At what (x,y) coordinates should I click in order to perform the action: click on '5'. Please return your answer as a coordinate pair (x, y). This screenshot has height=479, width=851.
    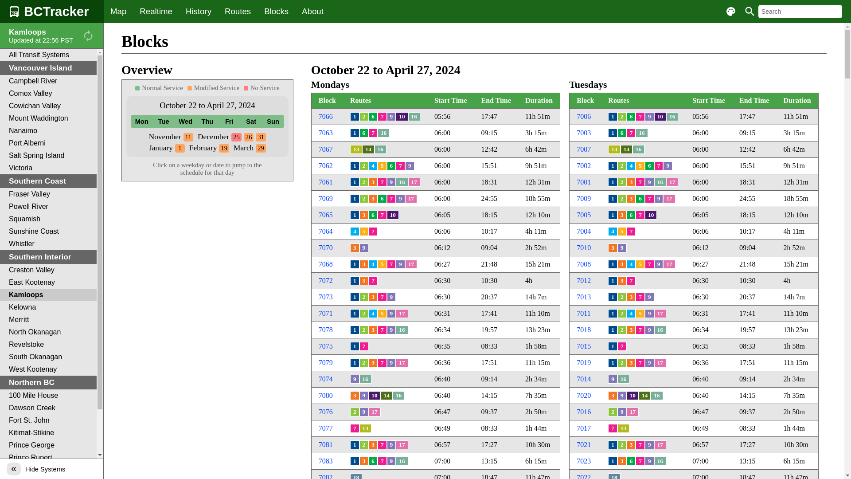
    Looking at the image, I should click on (640, 313).